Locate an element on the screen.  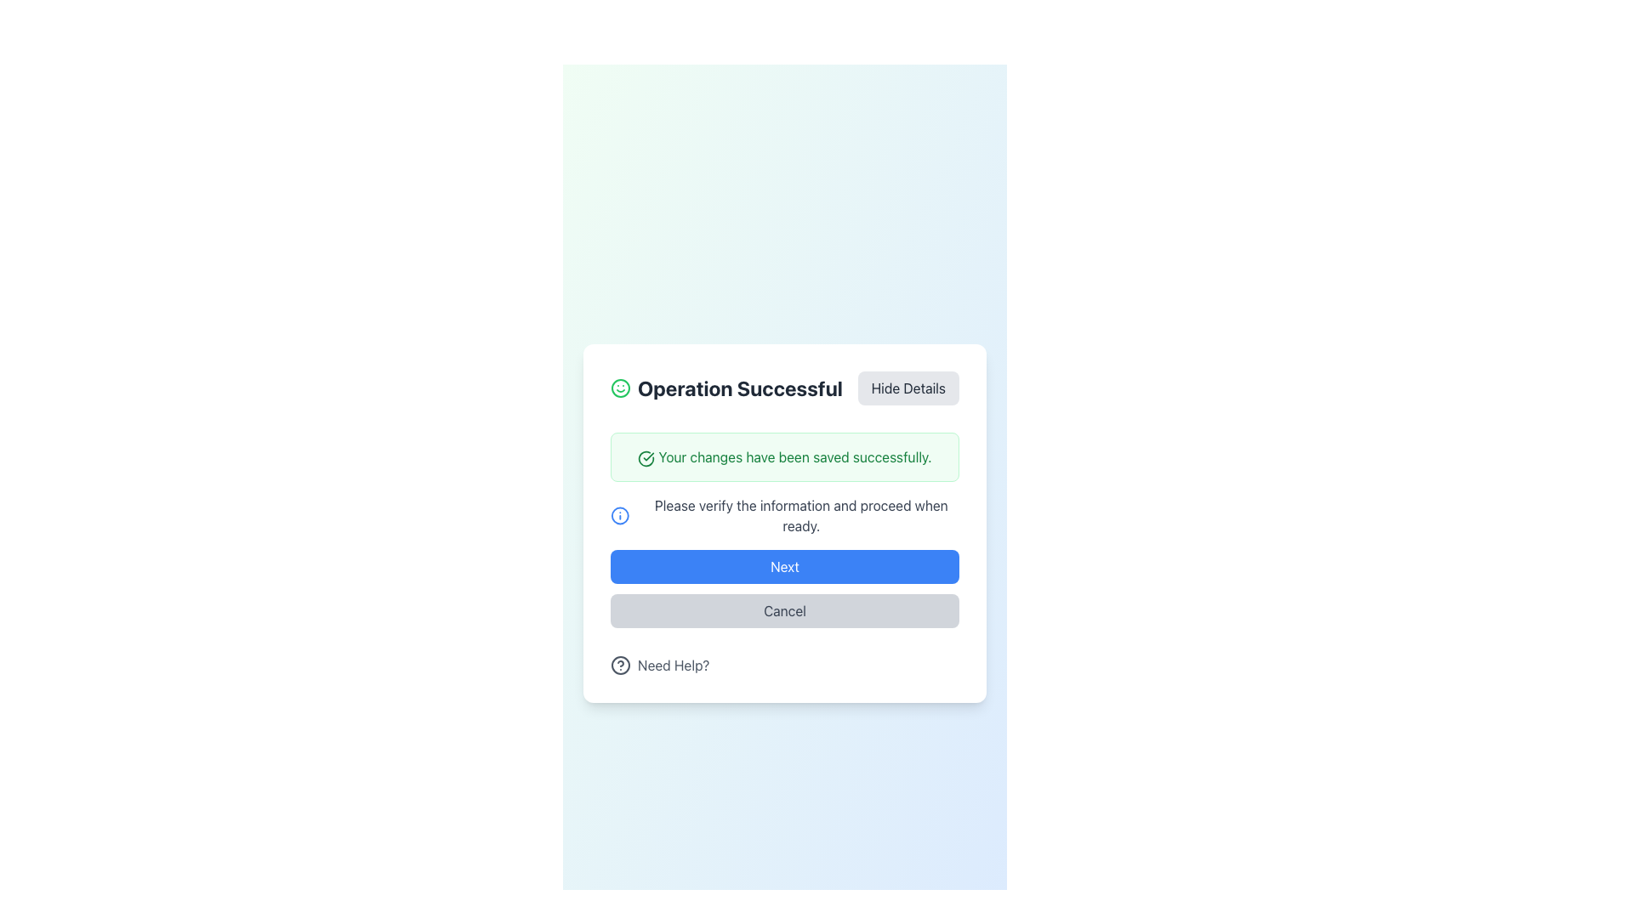
the circular graphical shape within the SVG, which is centrally located in the inner message box and features a solid outline as part of an icon is located at coordinates (619, 514).